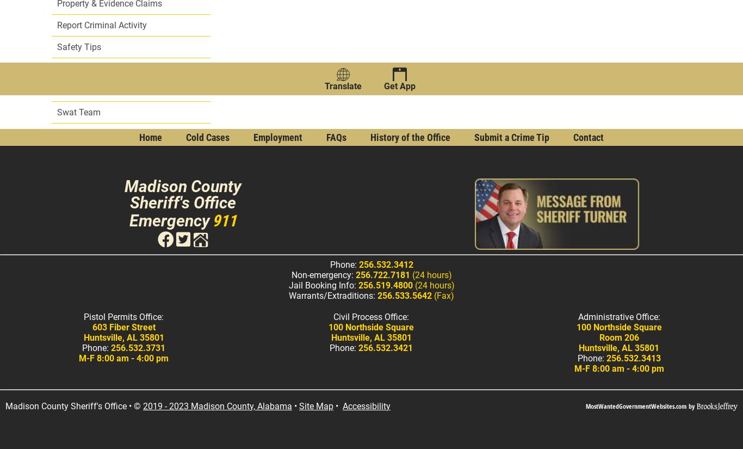  What do you see at coordinates (410, 137) in the screenshot?
I see `'History of the Office'` at bounding box center [410, 137].